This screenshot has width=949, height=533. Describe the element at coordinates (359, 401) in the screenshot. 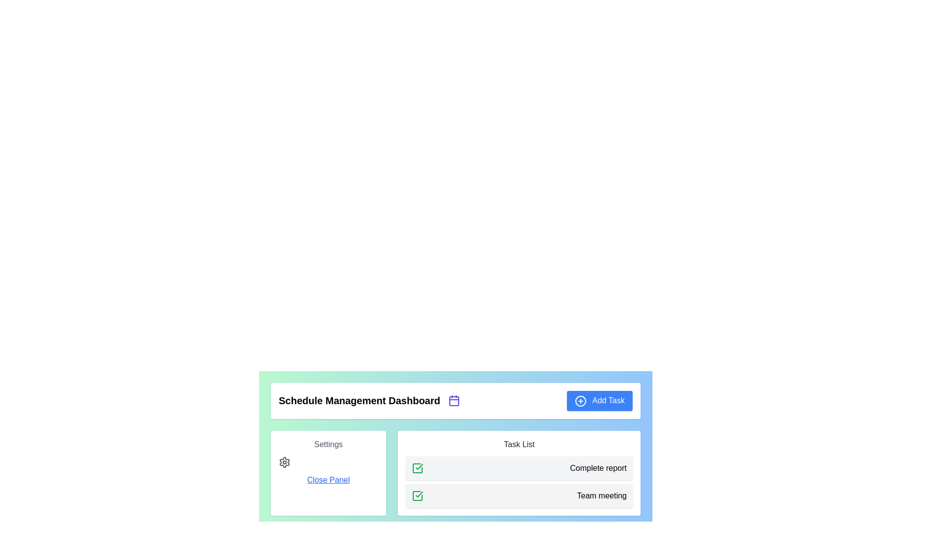

I see `the static text element that serves as the title of the dashboard, which is centrally located within the header section, to the left of a calendar icon` at that location.